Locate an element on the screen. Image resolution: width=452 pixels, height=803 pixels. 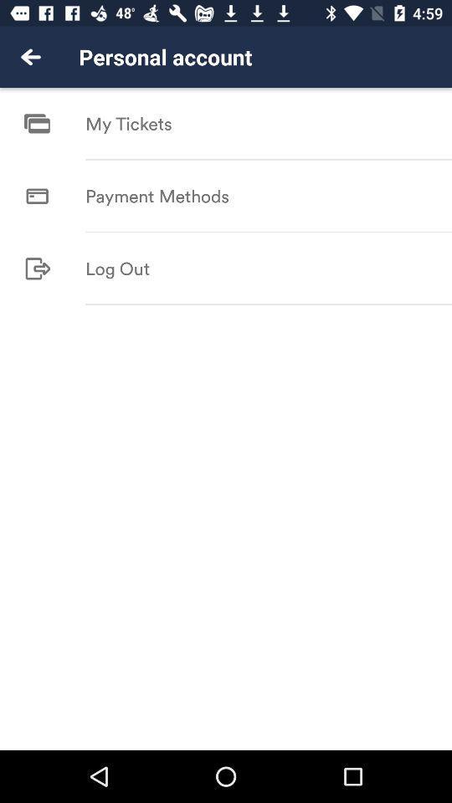
the icon above the payment methods is located at coordinates (269, 159).